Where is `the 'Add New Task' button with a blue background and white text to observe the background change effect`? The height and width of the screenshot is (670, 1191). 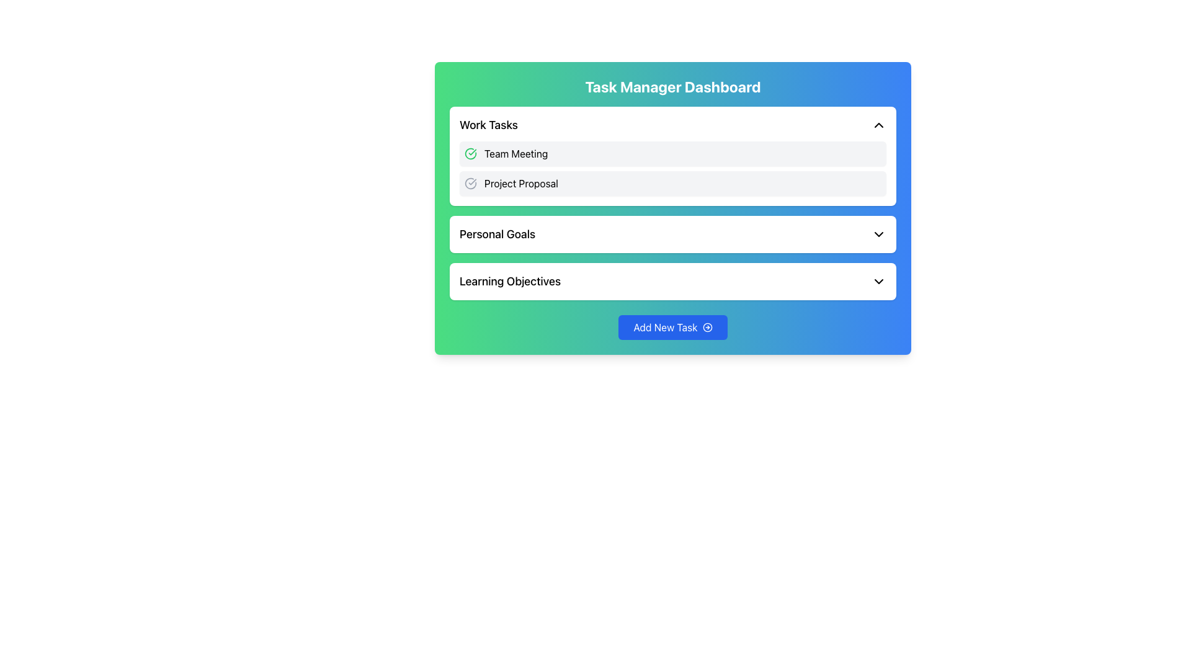
the 'Add New Task' button with a blue background and white text to observe the background change effect is located at coordinates (672, 327).